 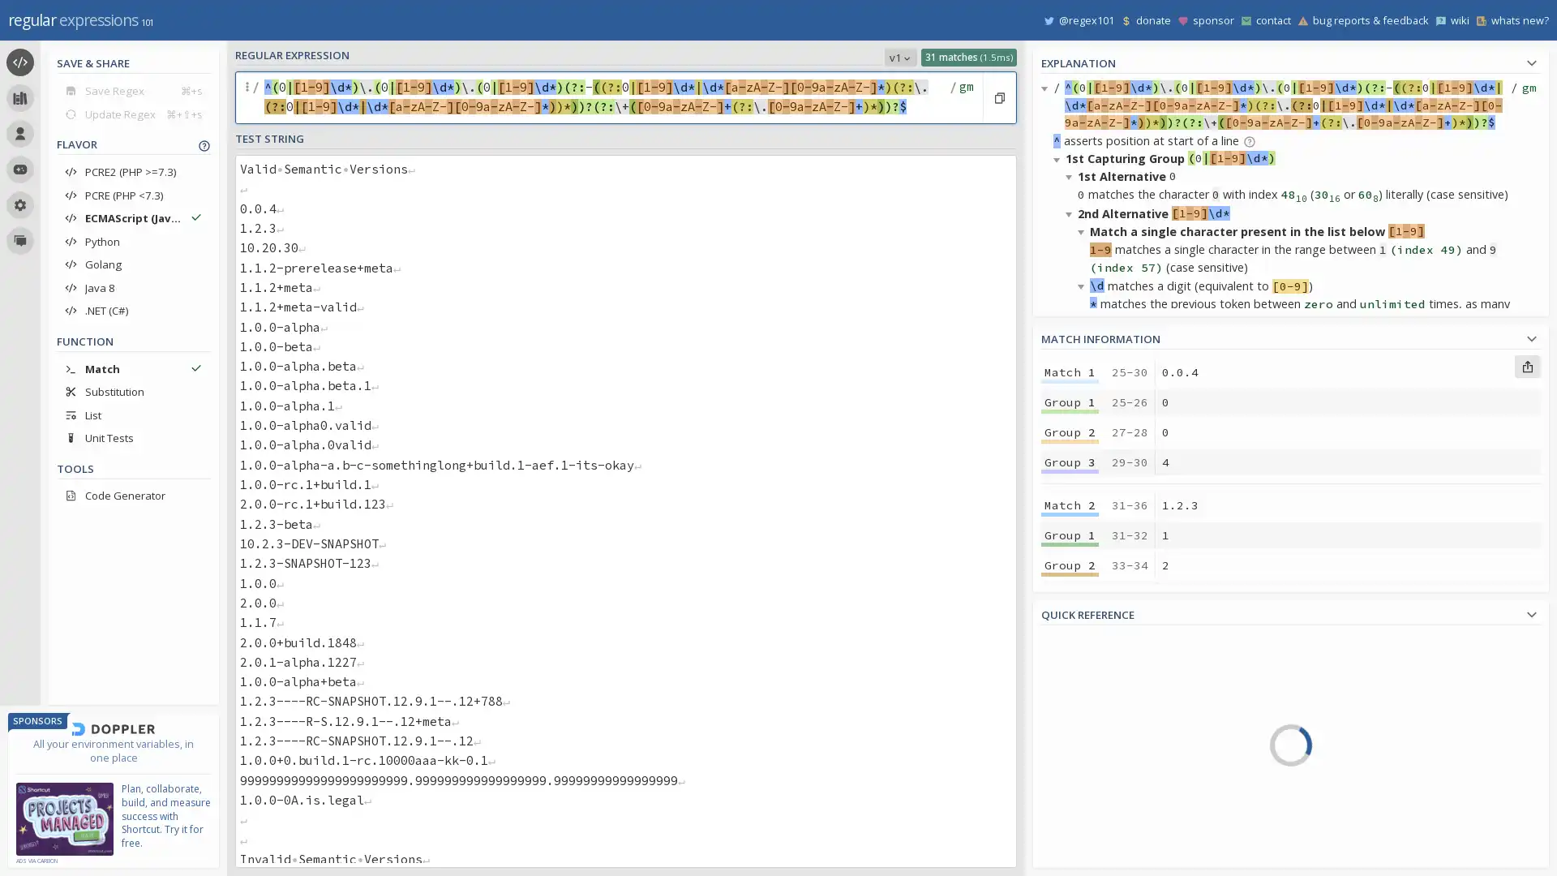 I want to click on Character Classes, so click(x=1117, y=835).